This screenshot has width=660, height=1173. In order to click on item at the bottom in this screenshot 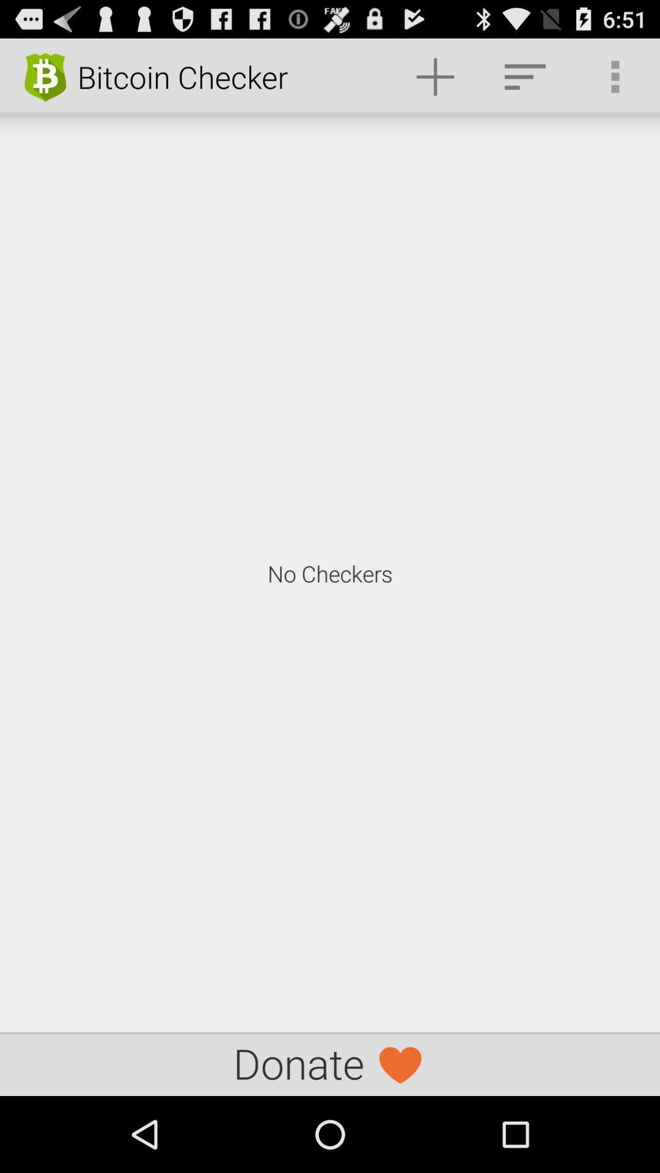, I will do `click(330, 1063)`.